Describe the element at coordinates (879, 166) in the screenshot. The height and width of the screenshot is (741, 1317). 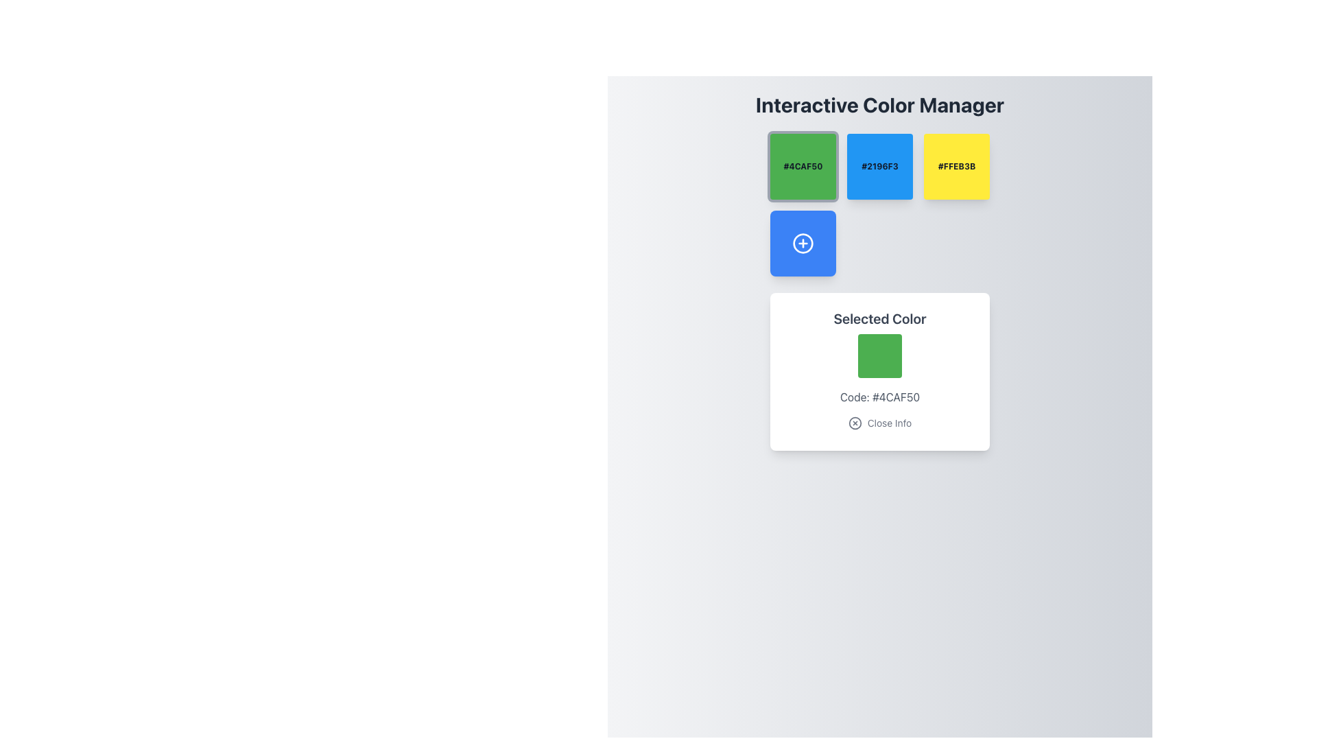
I see `the blue color tile, which is the second tile in a grid of three columns located at the top section of the interface, positioned between the green tile labeled '#4CAF50' and the yellow tile labeled '#FFEB3B'` at that location.